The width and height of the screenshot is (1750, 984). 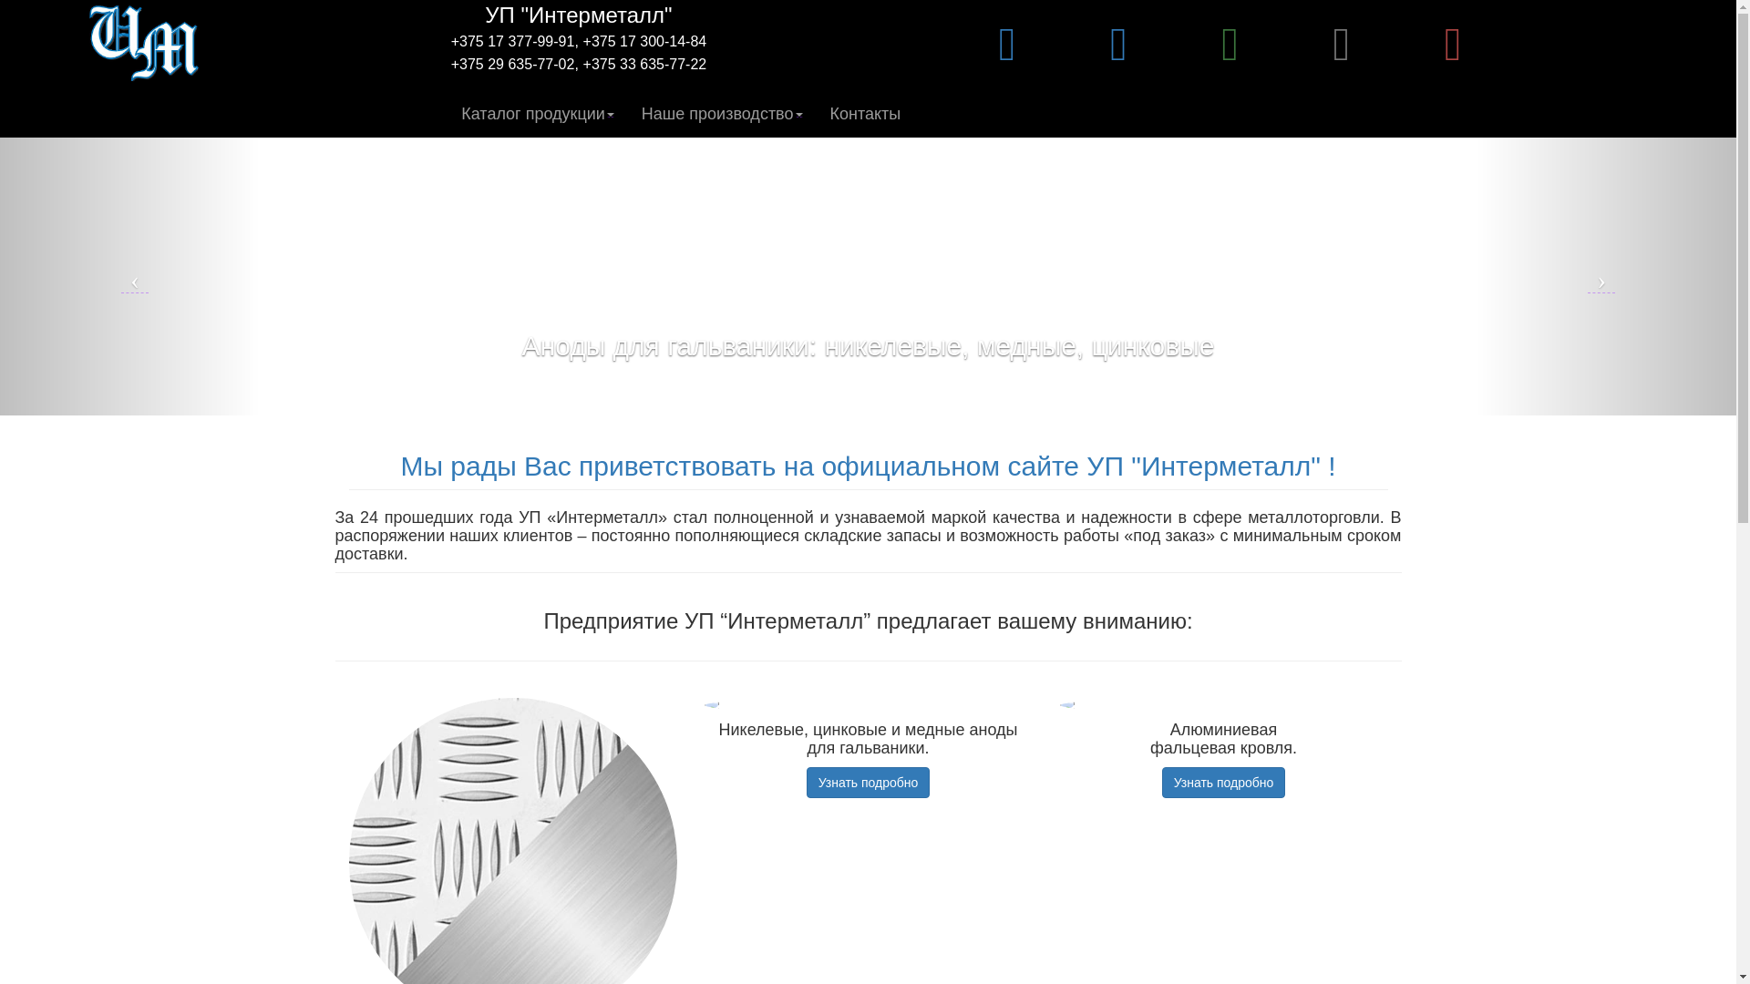 I want to click on '+375 29 635-77-02,', so click(x=450, y=63).